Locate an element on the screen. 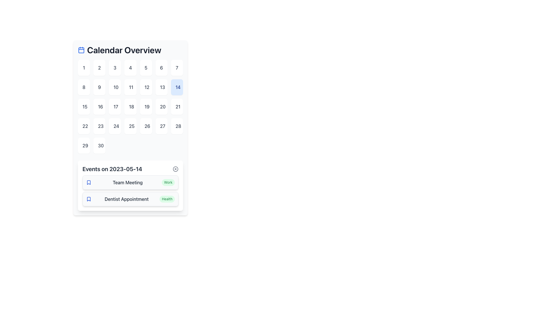 The width and height of the screenshot is (550, 309). the calendar button representing the date '17' is located at coordinates (115, 107).